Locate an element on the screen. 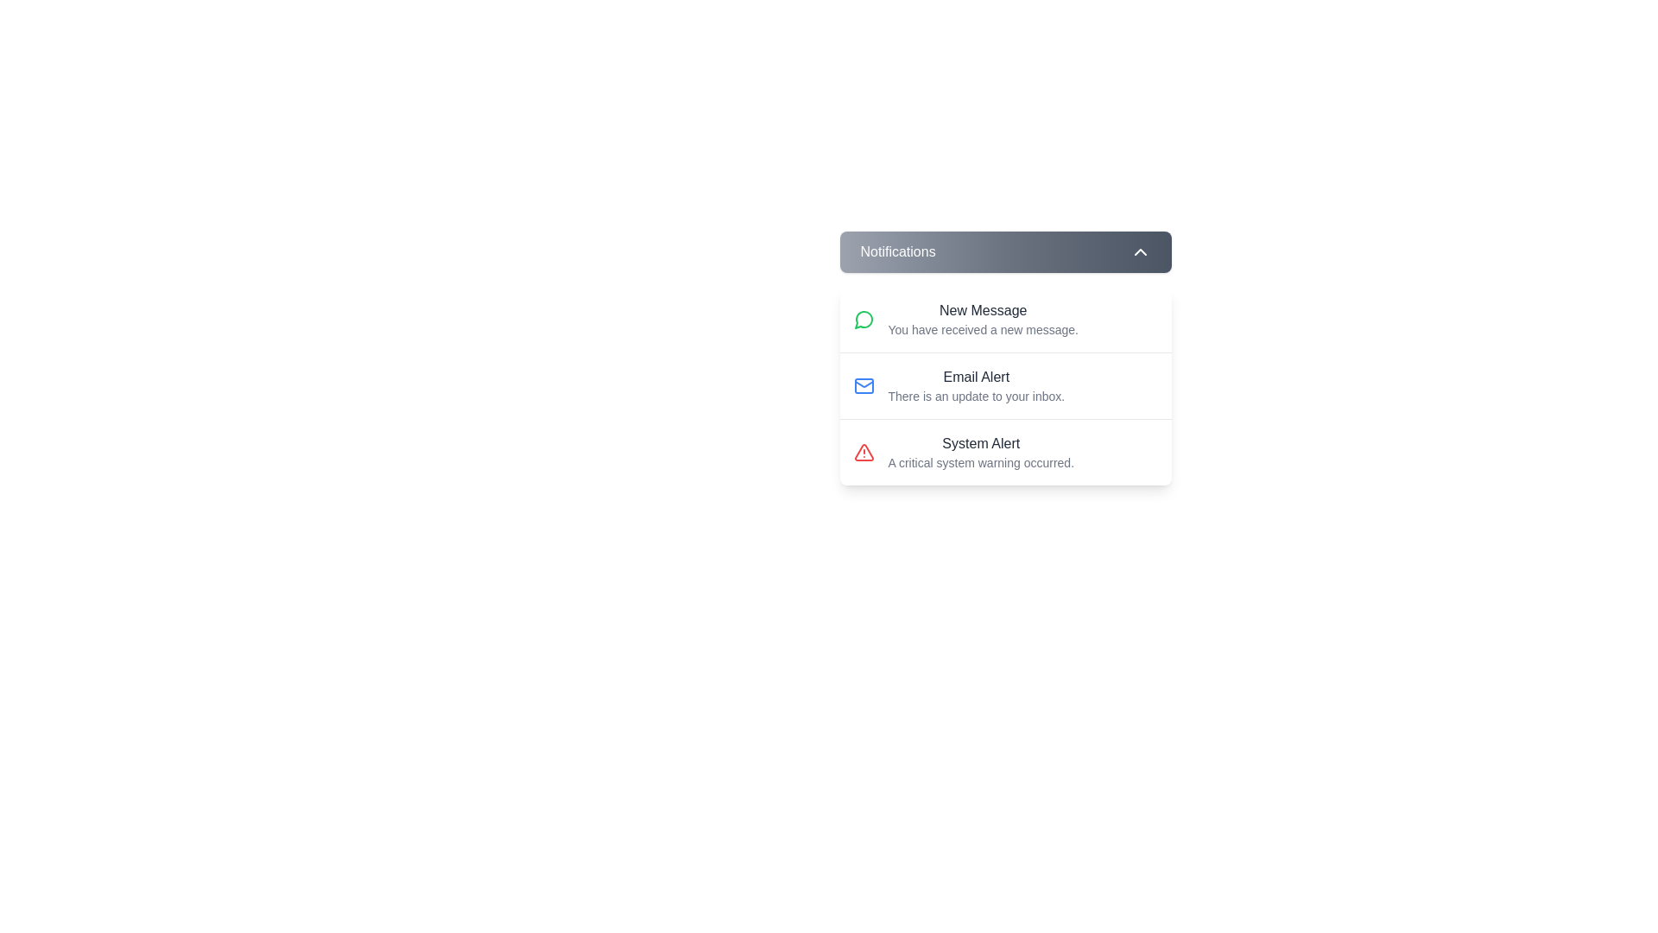  the appearance of the critical alert icon located to the left of the 'System Alert' text in the third row of the notification dropdown by moving the cursor to its center point is located at coordinates (864, 452).